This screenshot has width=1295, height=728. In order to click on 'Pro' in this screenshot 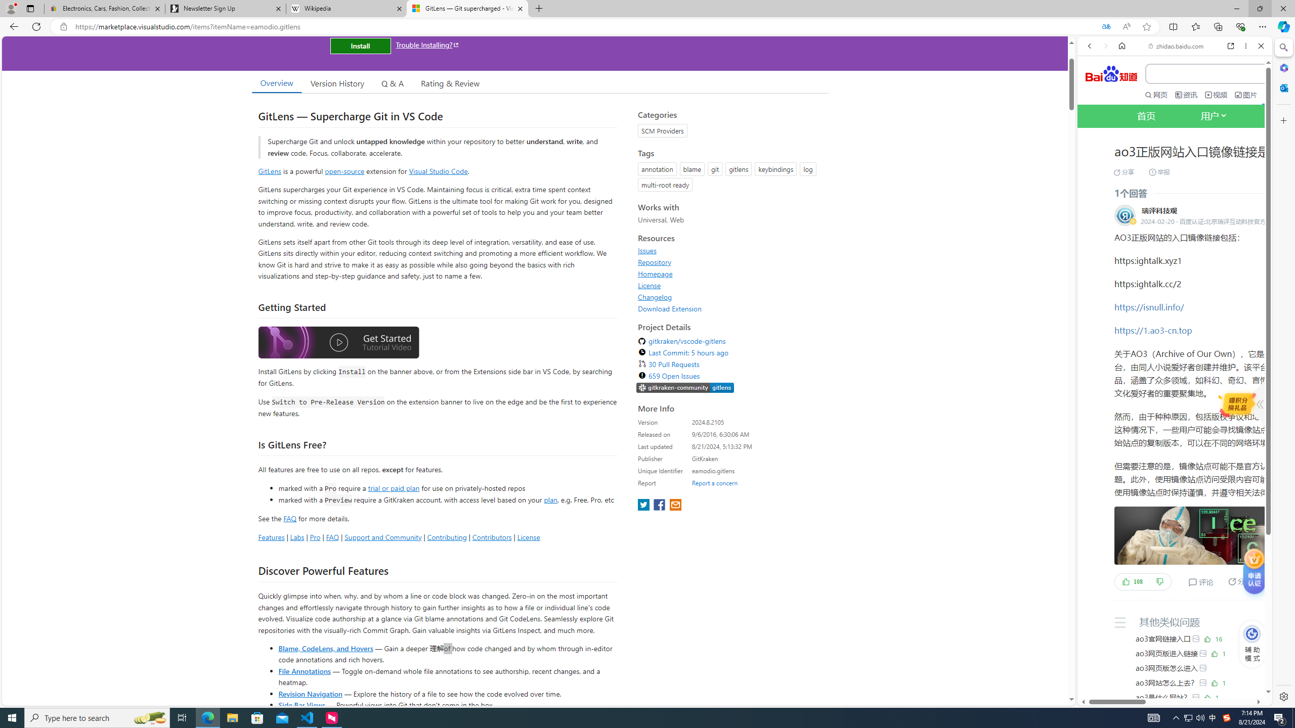, I will do `click(315, 536)`.